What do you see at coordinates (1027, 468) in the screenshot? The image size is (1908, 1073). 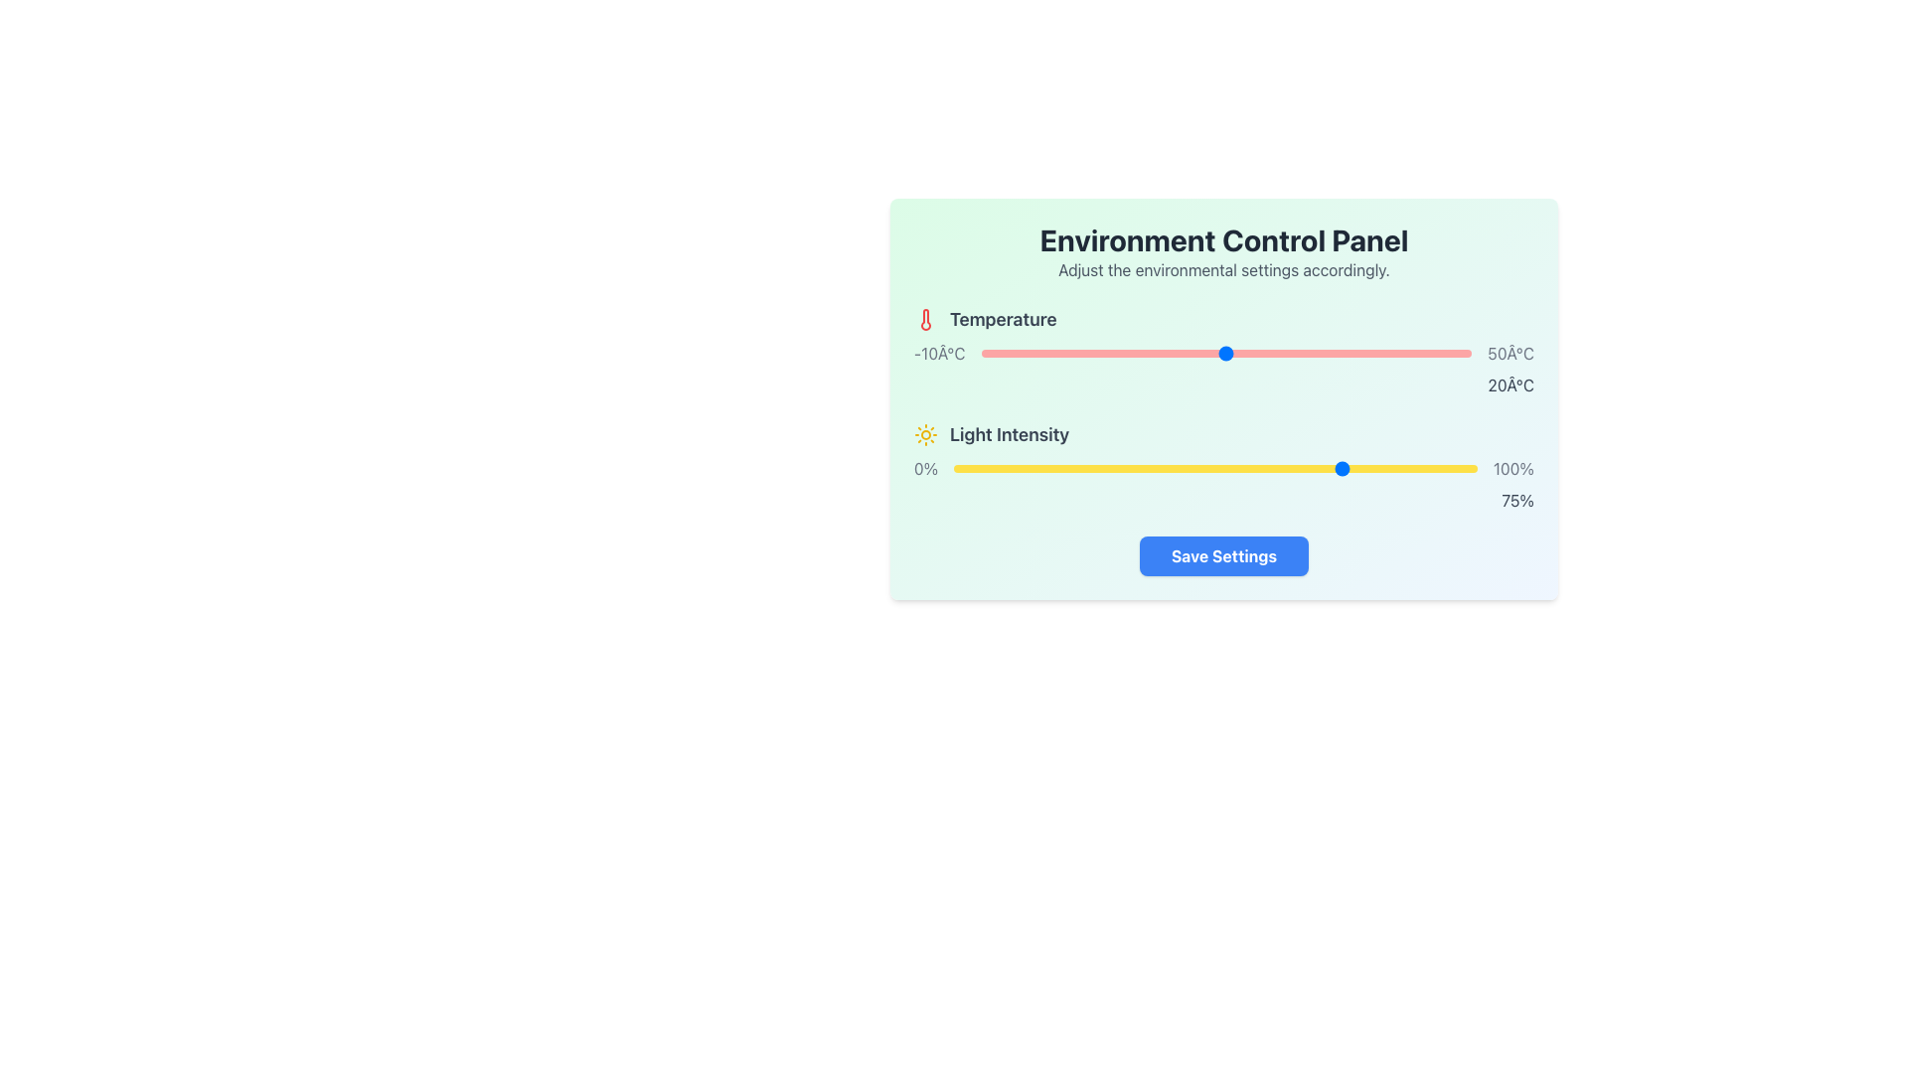 I see `light intensity` at bounding box center [1027, 468].